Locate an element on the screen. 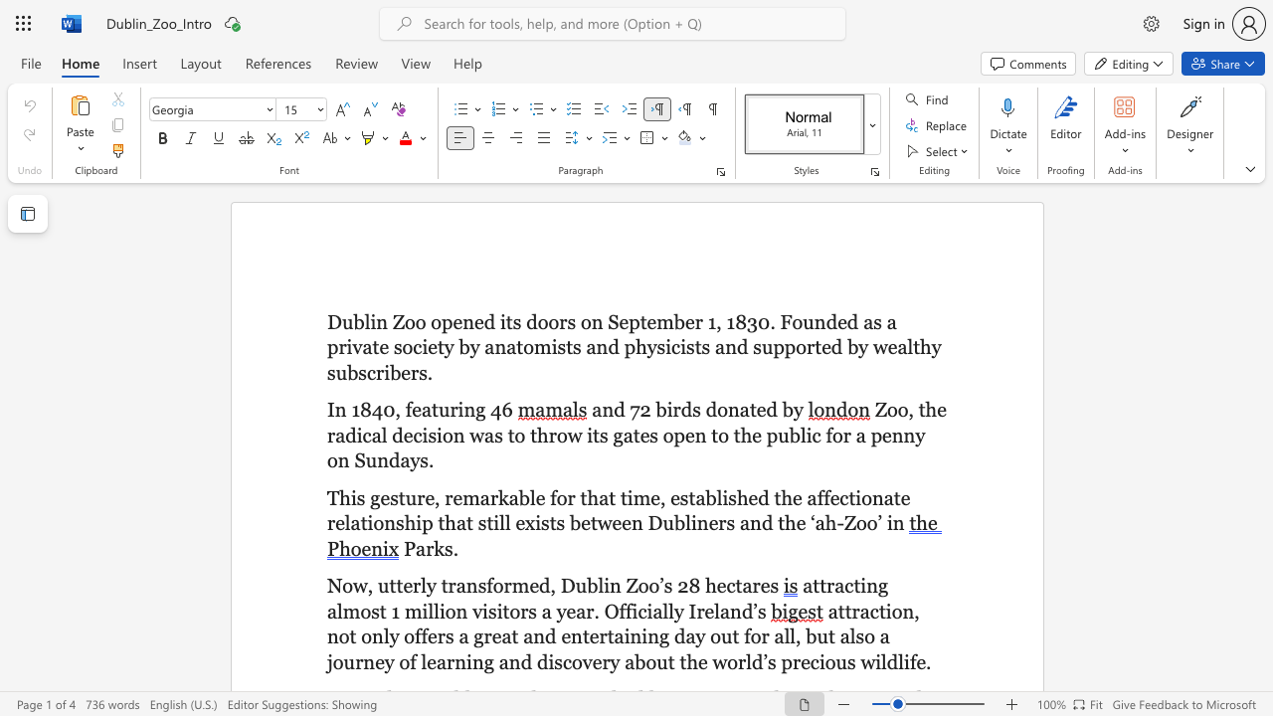  the subset text "establish" within the text "established" is located at coordinates (670, 496).